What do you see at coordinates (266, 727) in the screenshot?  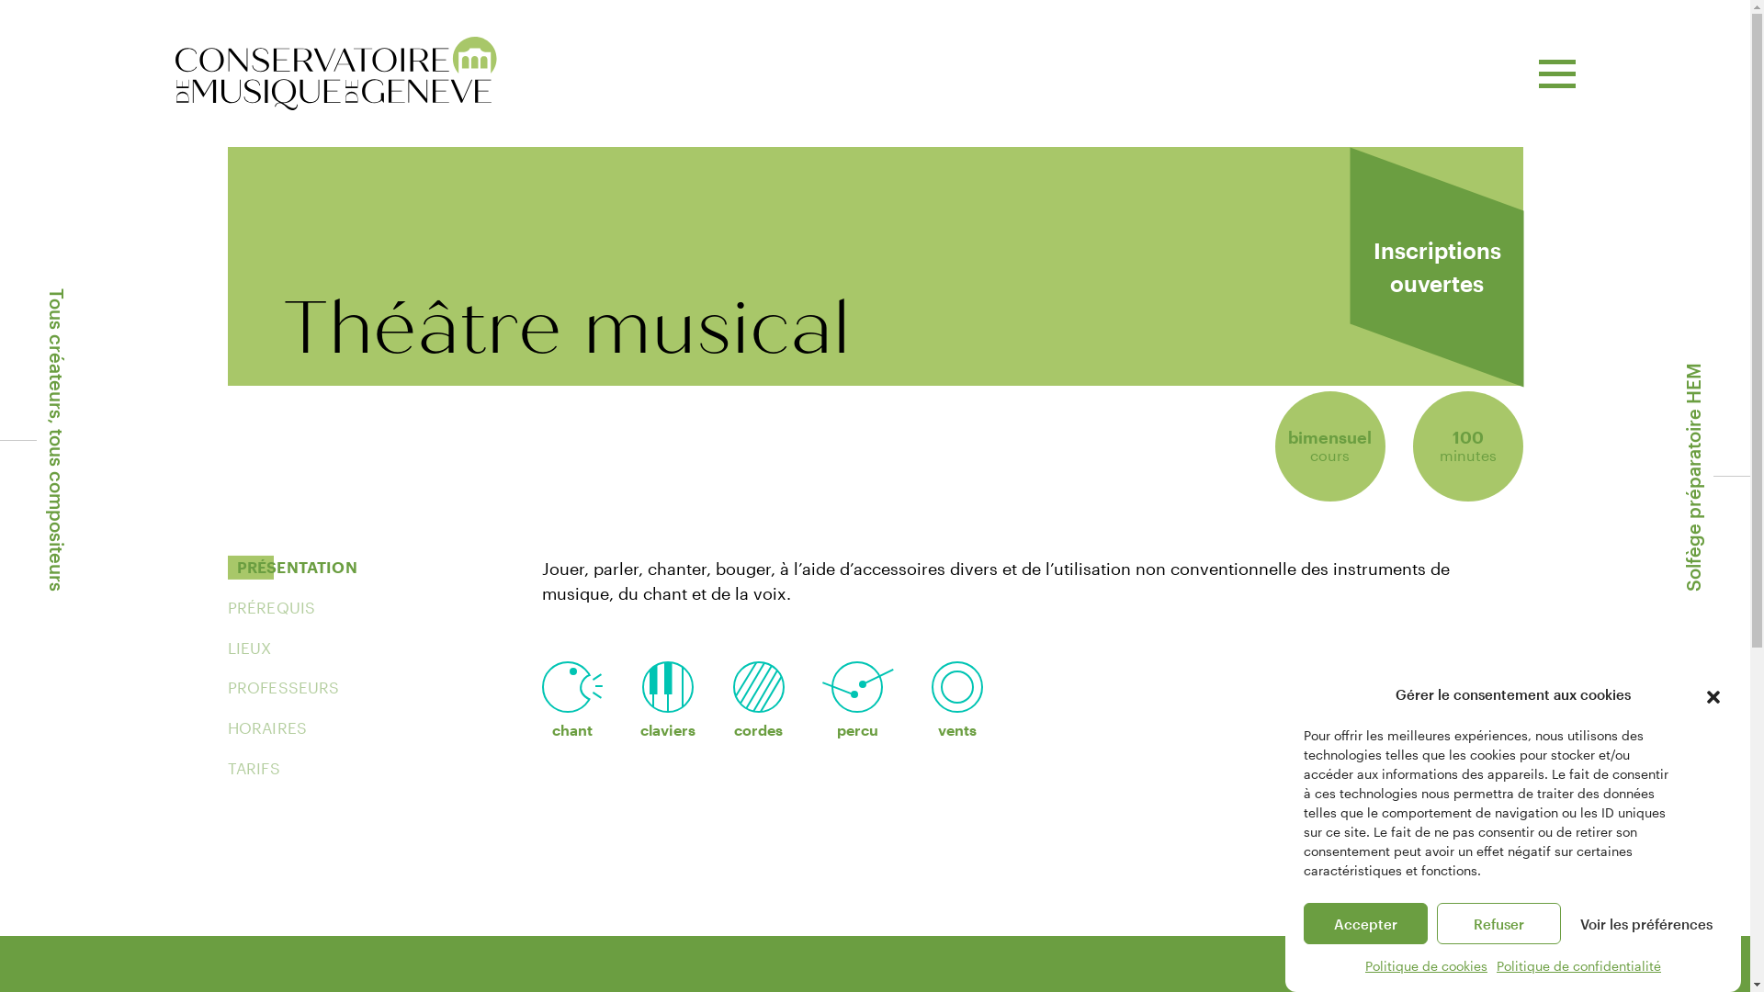 I see `'HORAIRES'` at bounding box center [266, 727].